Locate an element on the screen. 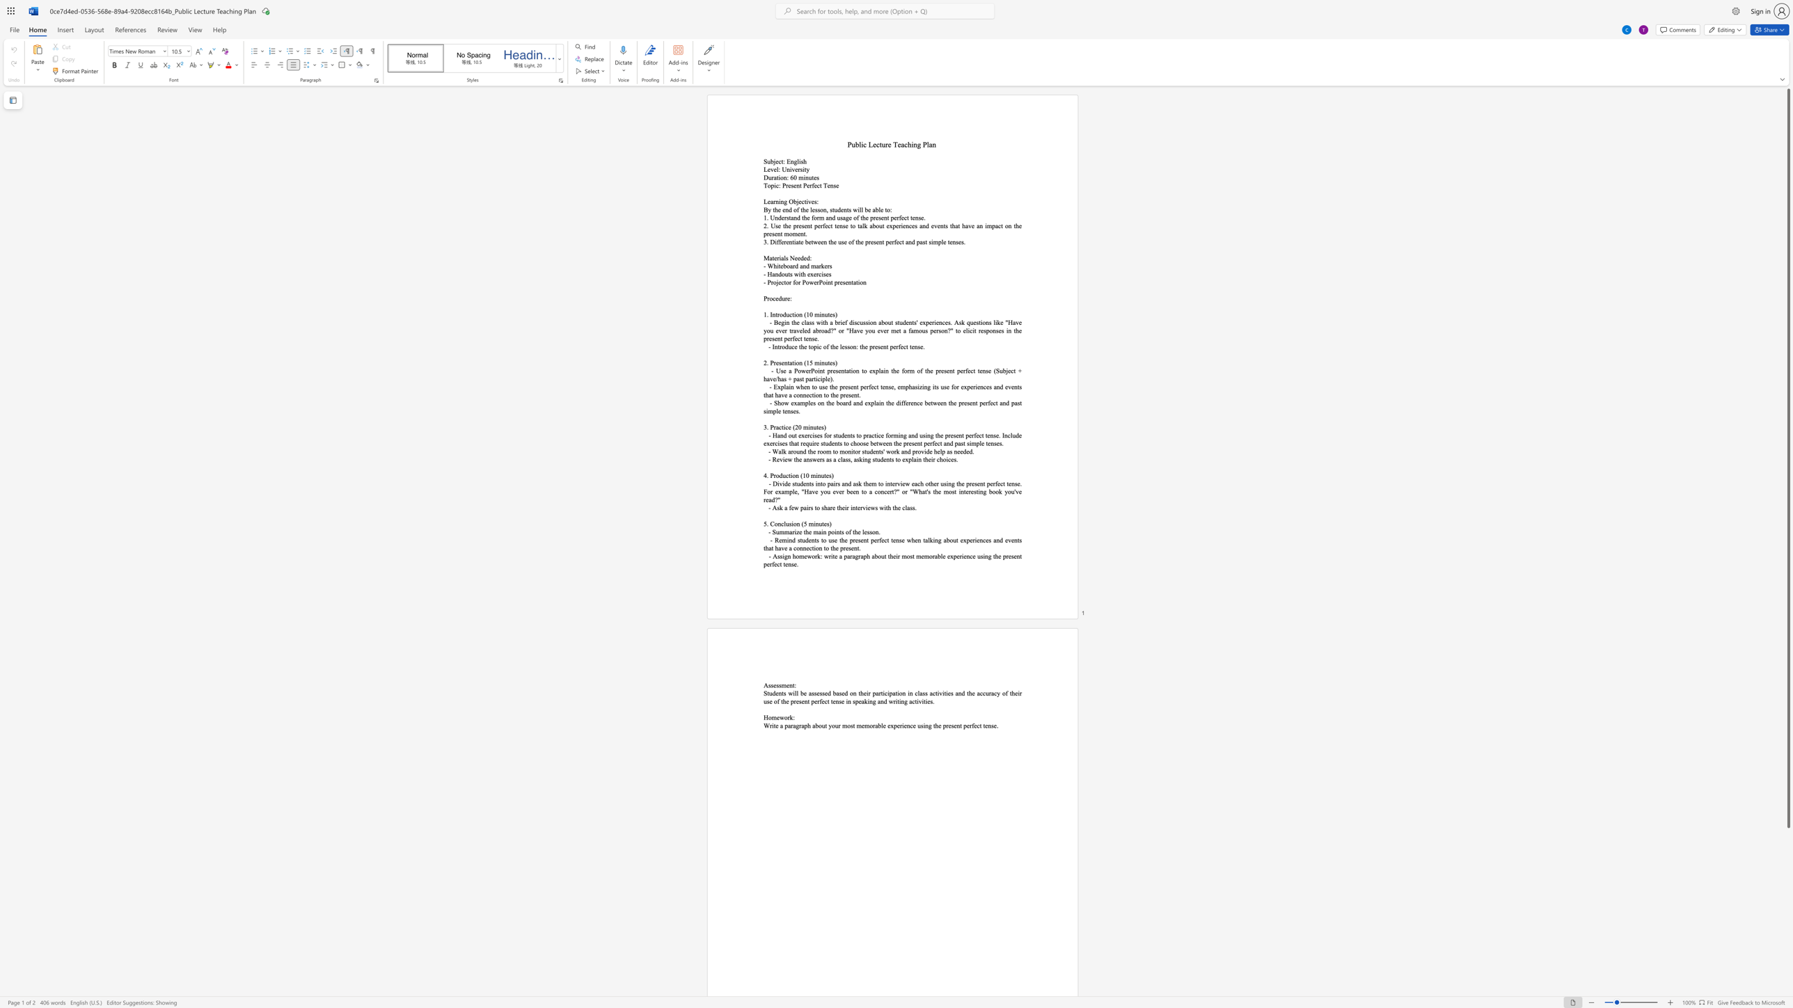 This screenshot has height=1008, width=1793. the space between the continuous character "p" and "r" in the text is located at coordinates (867, 241).